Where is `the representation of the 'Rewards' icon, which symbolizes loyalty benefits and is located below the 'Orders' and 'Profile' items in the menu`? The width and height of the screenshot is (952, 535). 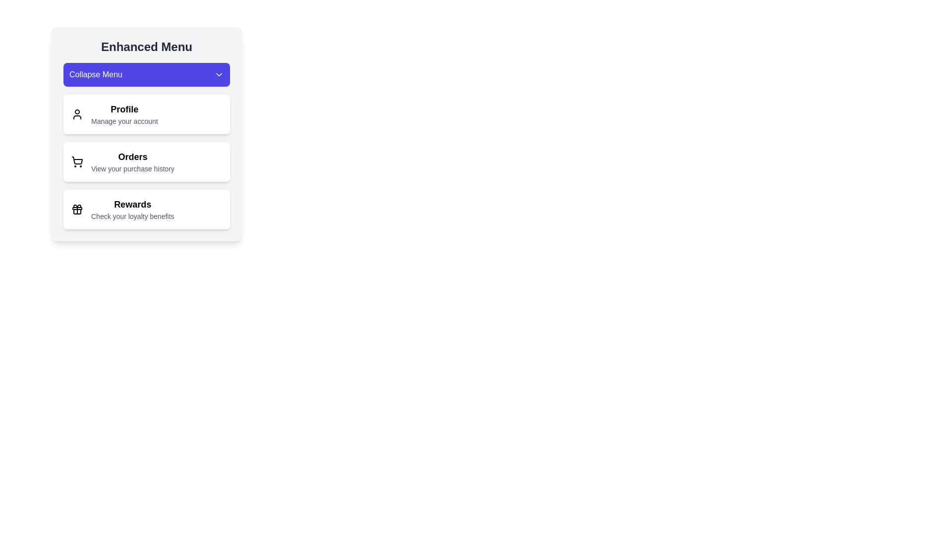
the representation of the 'Rewards' icon, which symbolizes loyalty benefits and is located below the 'Orders' and 'Profile' items in the menu is located at coordinates (77, 209).